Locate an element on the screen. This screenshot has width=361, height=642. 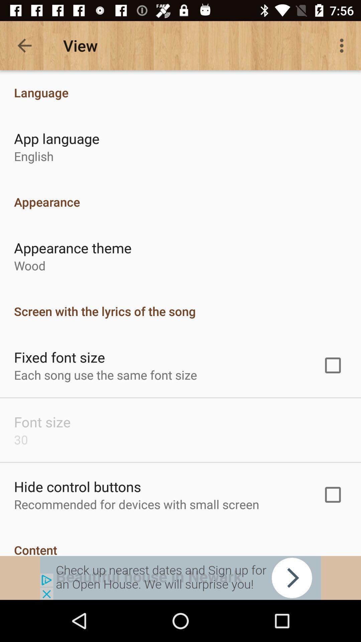
next step to click this option is located at coordinates (180, 577).